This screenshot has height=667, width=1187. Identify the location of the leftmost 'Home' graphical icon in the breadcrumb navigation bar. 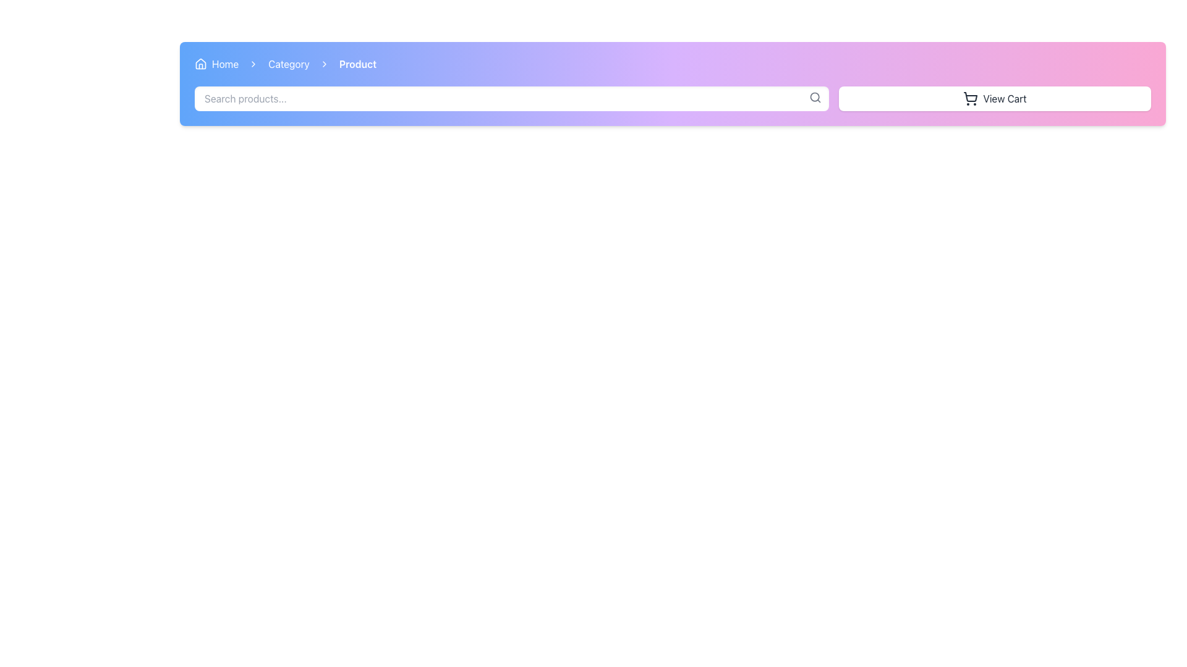
(201, 64).